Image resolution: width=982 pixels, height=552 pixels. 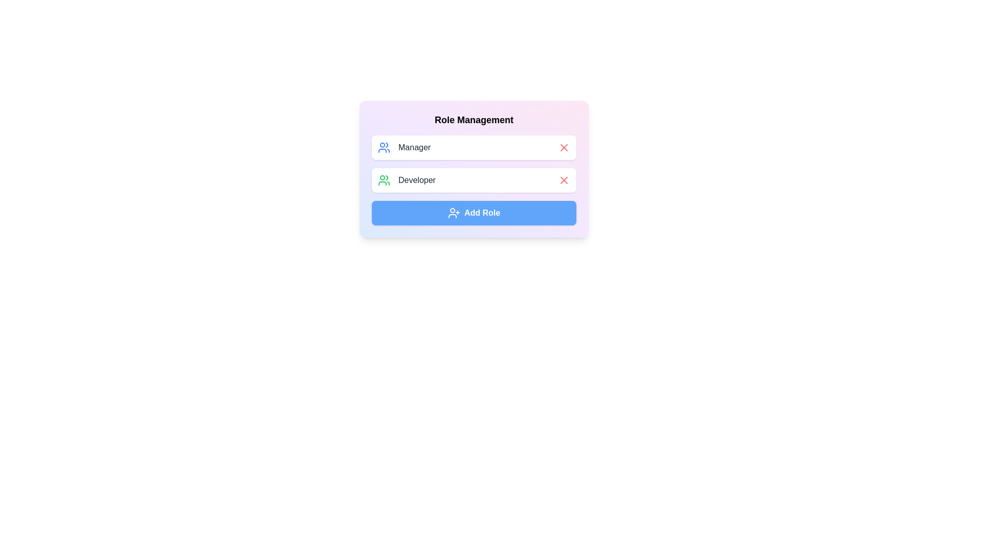 What do you see at coordinates (564, 180) in the screenshot?
I see `'X' button next to Developer to remove it` at bounding box center [564, 180].